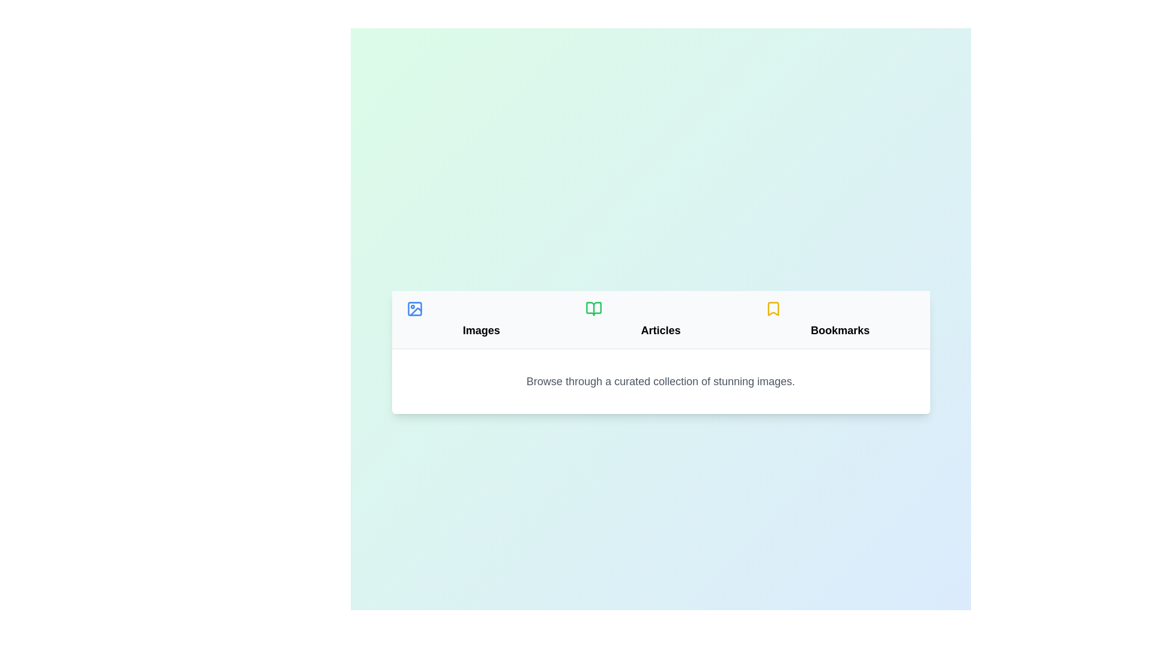 The height and width of the screenshot is (648, 1153). I want to click on the Articles tab, so click(660, 319).